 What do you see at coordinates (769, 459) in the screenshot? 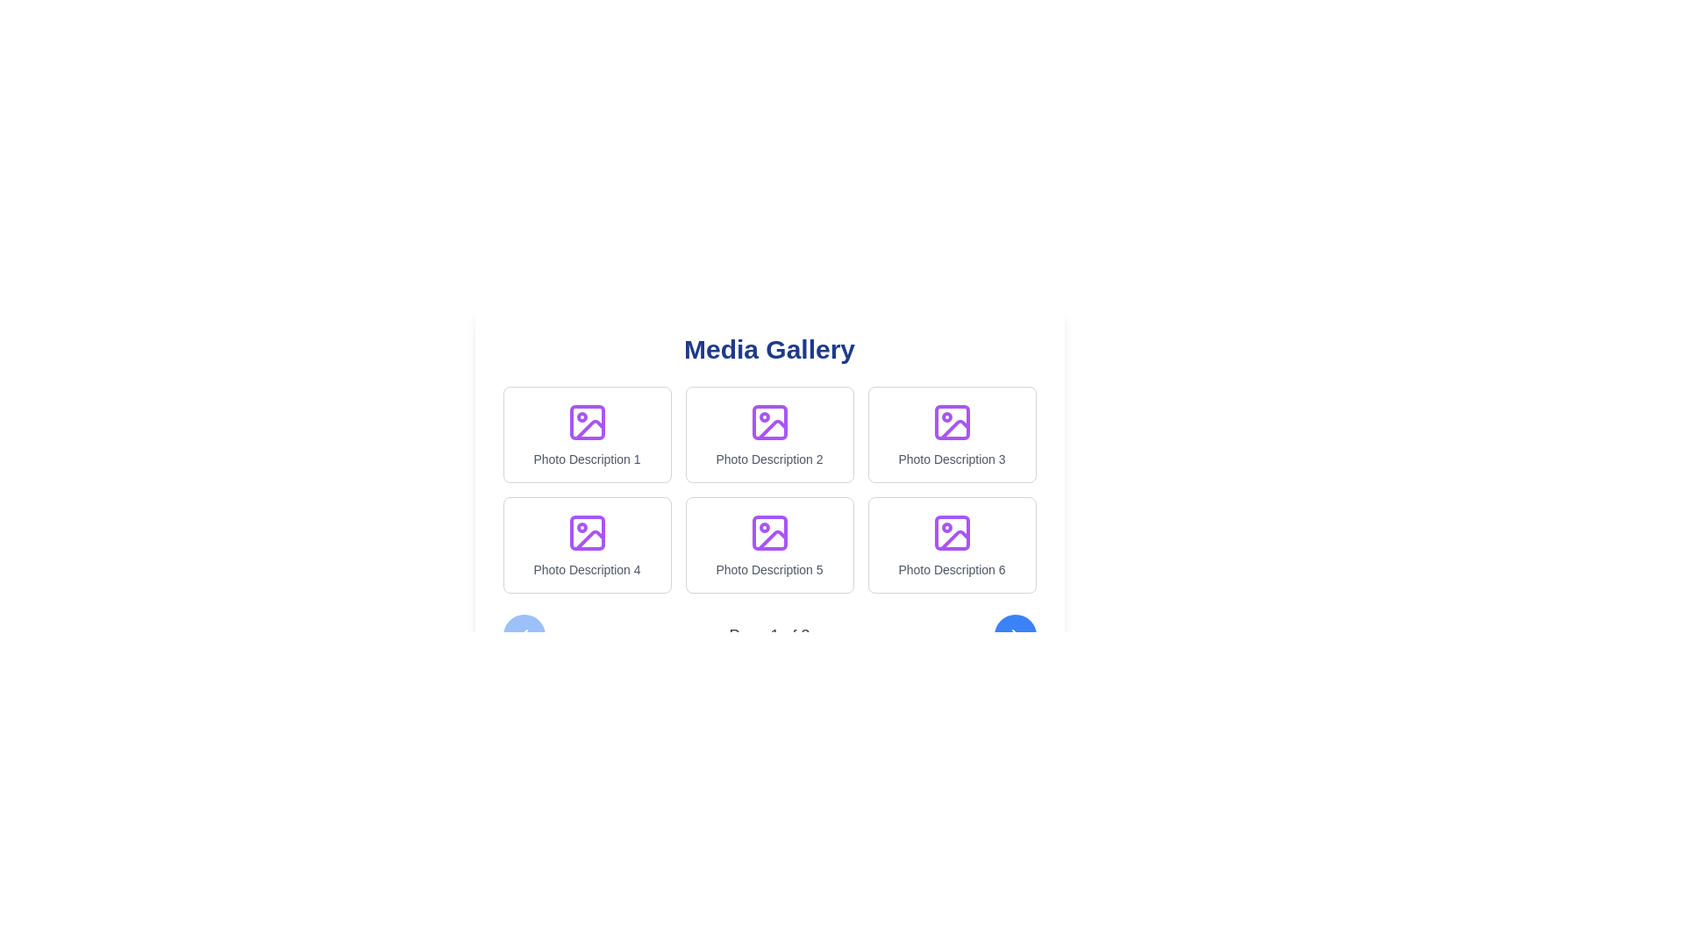
I see `the Static text label displaying 'Photo Description 2' which is located in the second card of the upper row in a 3x2 grid layout` at bounding box center [769, 459].